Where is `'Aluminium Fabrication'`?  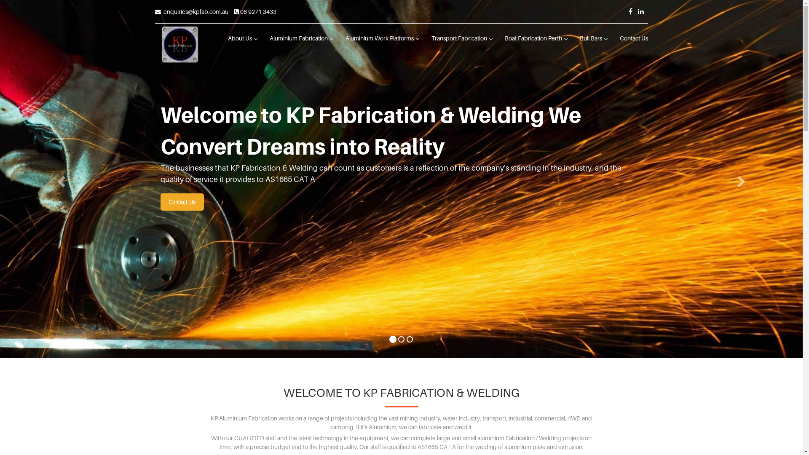
'Aluminium Fabrication' is located at coordinates (263, 38).